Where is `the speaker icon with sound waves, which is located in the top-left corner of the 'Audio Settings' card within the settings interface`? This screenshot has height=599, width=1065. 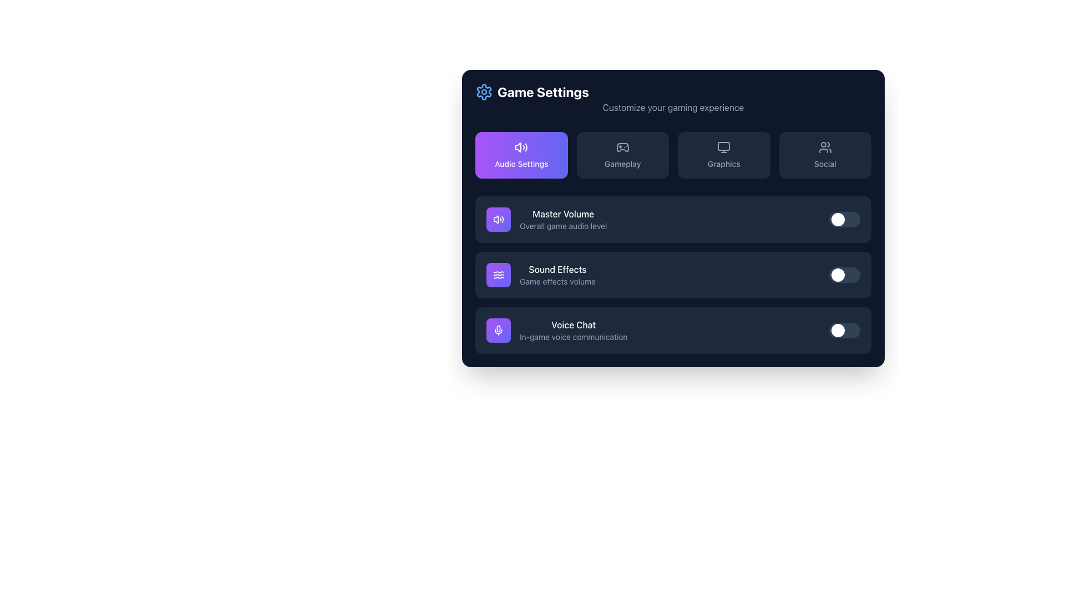
the speaker icon with sound waves, which is located in the top-left corner of the 'Audio Settings' card within the settings interface is located at coordinates (498, 220).